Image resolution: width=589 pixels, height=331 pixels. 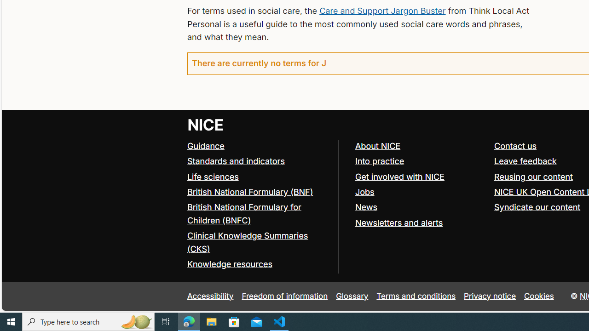 What do you see at coordinates (205, 145) in the screenshot?
I see `'Guidance'` at bounding box center [205, 145].